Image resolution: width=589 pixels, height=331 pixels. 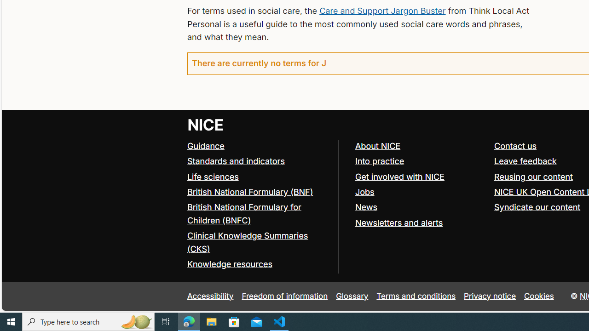 What do you see at coordinates (205, 145) in the screenshot?
I see `'Guidance'` at bounding box center [205, 145].